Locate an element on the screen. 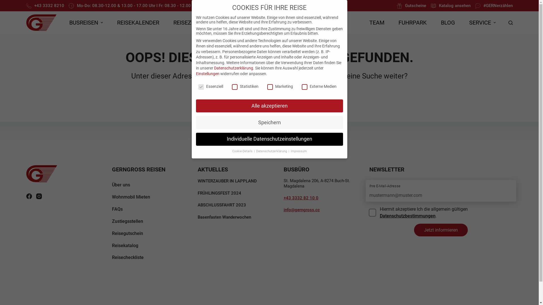  'BUSREISEN' is located at coordinates (86, 22).